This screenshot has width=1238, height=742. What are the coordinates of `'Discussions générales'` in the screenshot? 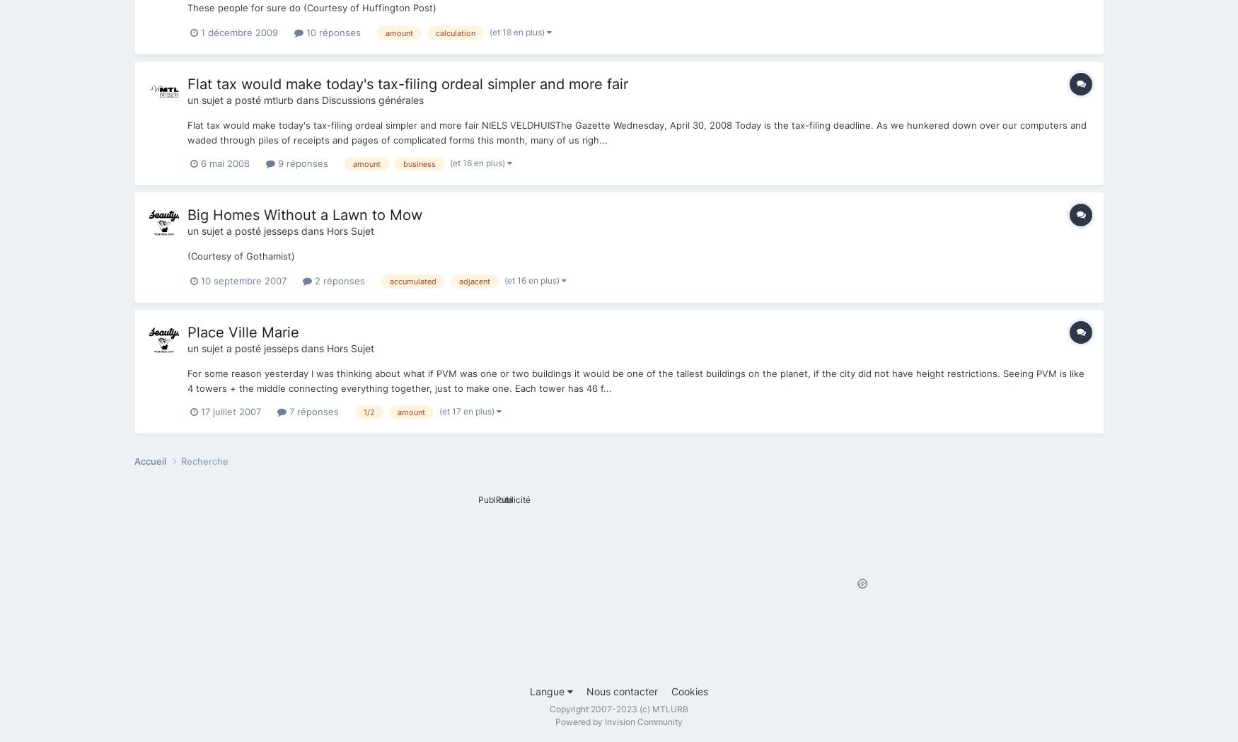 It's located at (322, 100).